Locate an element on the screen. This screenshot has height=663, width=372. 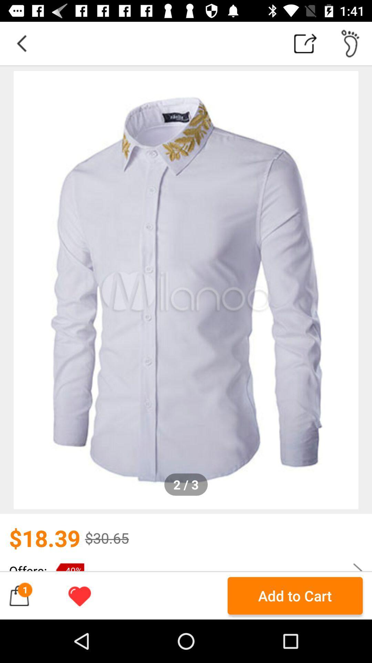
the item at the top left corner is located at coordinates (21, 43).